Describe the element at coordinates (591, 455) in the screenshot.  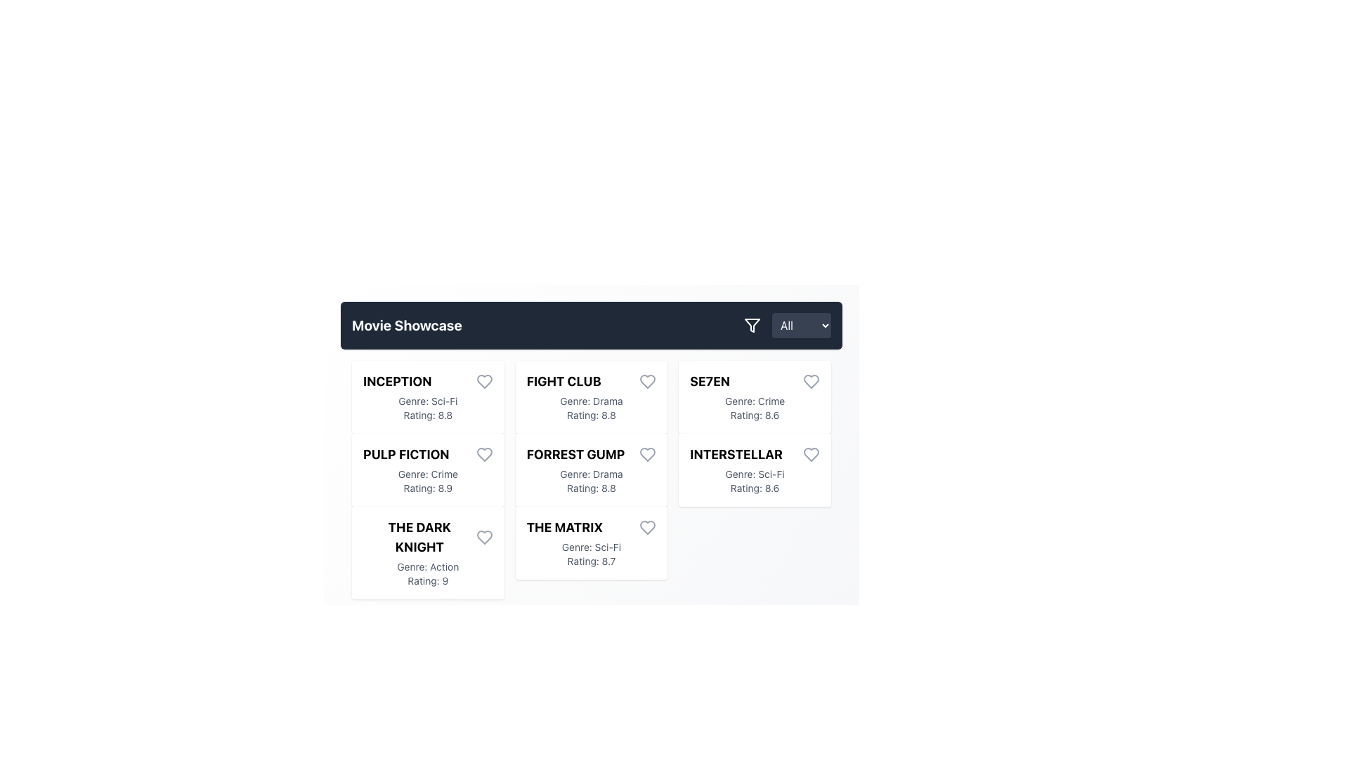
I see `the label containing the text 'FORREST GUMP' which is in bold uppercase style and located at the top of its card in the second row, center column of the grid layout` at that location.